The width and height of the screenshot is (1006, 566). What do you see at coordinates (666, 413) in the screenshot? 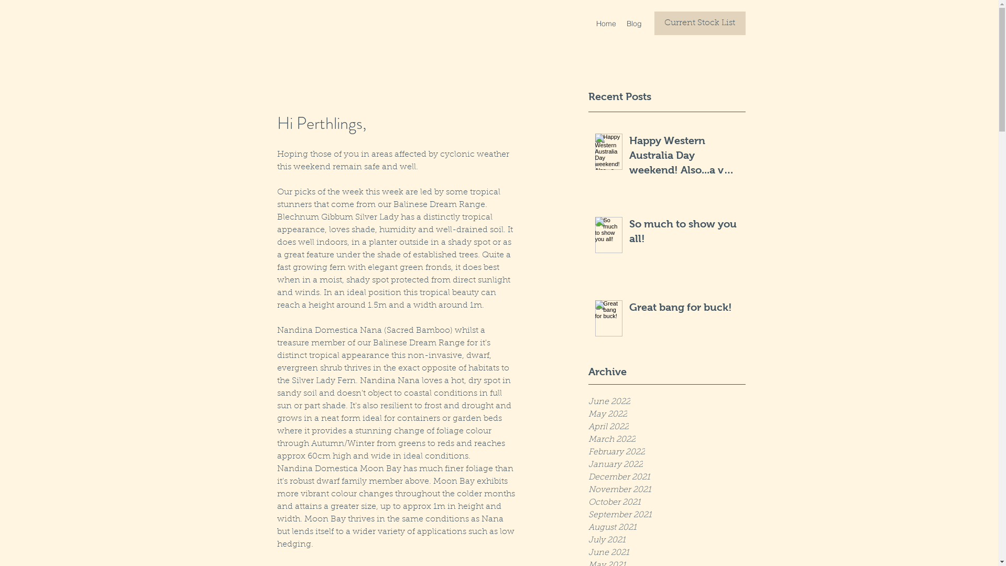
I see `'May 2022'` at bounding box center [666, 413].